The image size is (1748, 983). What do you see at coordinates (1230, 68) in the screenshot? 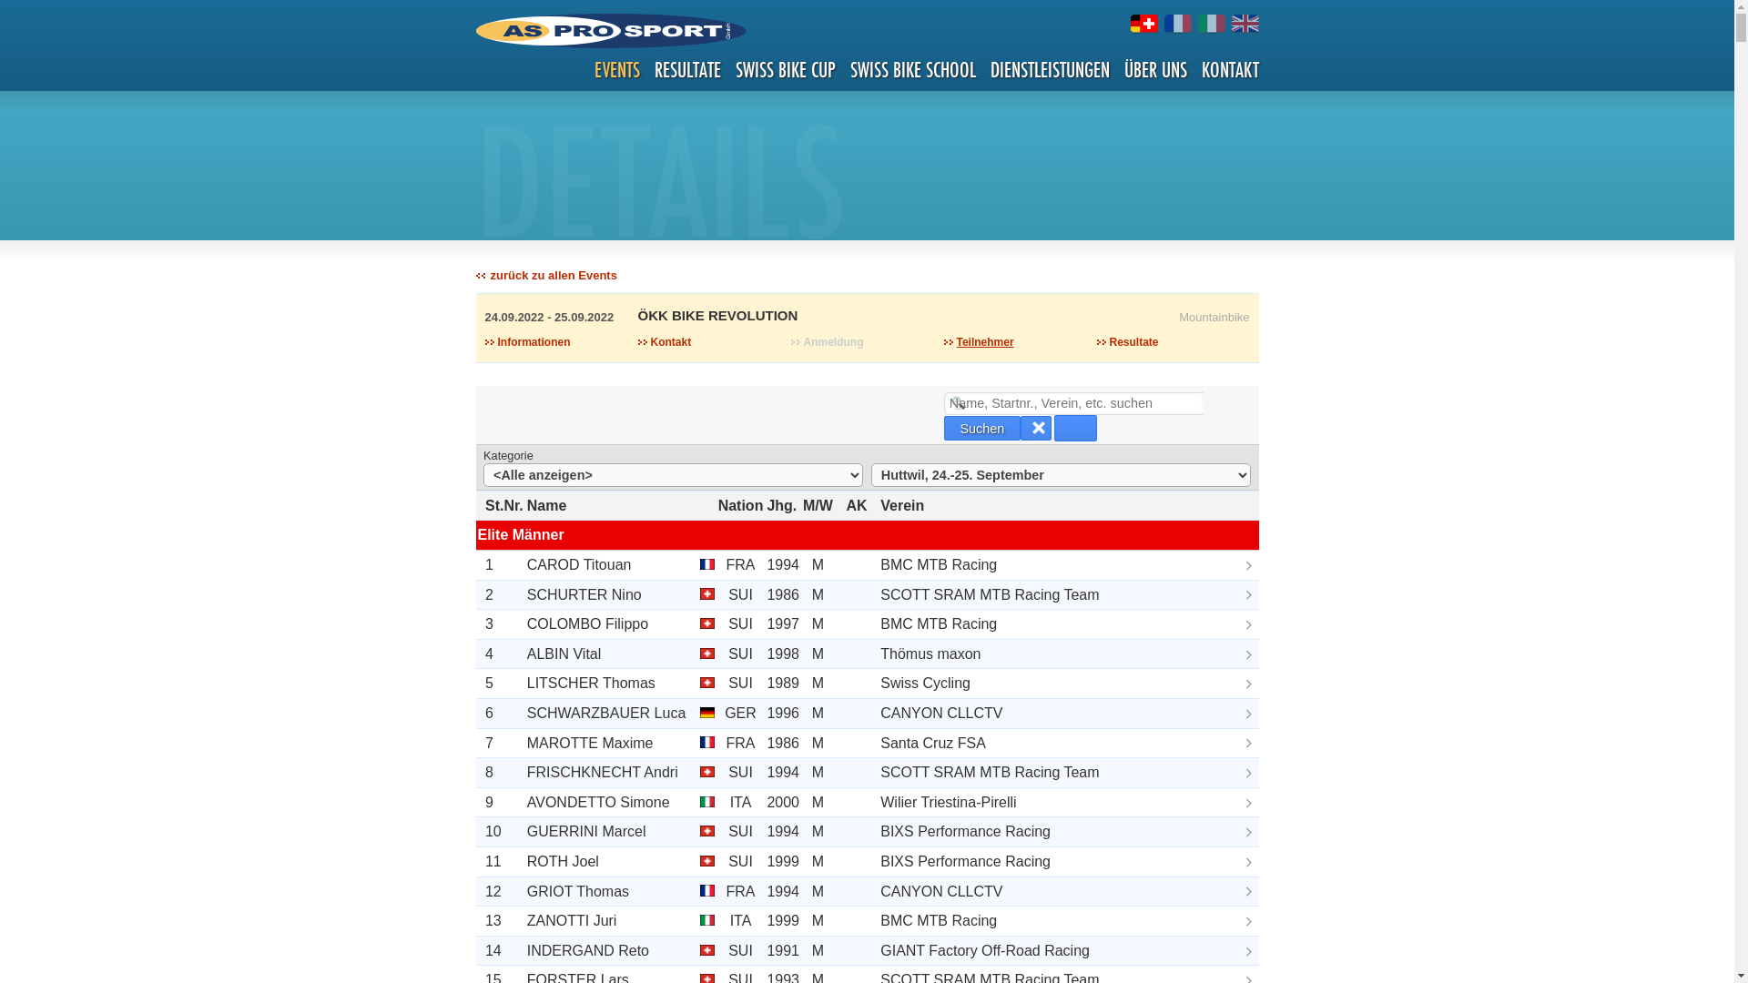
I see `'KONTAKT'` at bounding box center [1230, 68].